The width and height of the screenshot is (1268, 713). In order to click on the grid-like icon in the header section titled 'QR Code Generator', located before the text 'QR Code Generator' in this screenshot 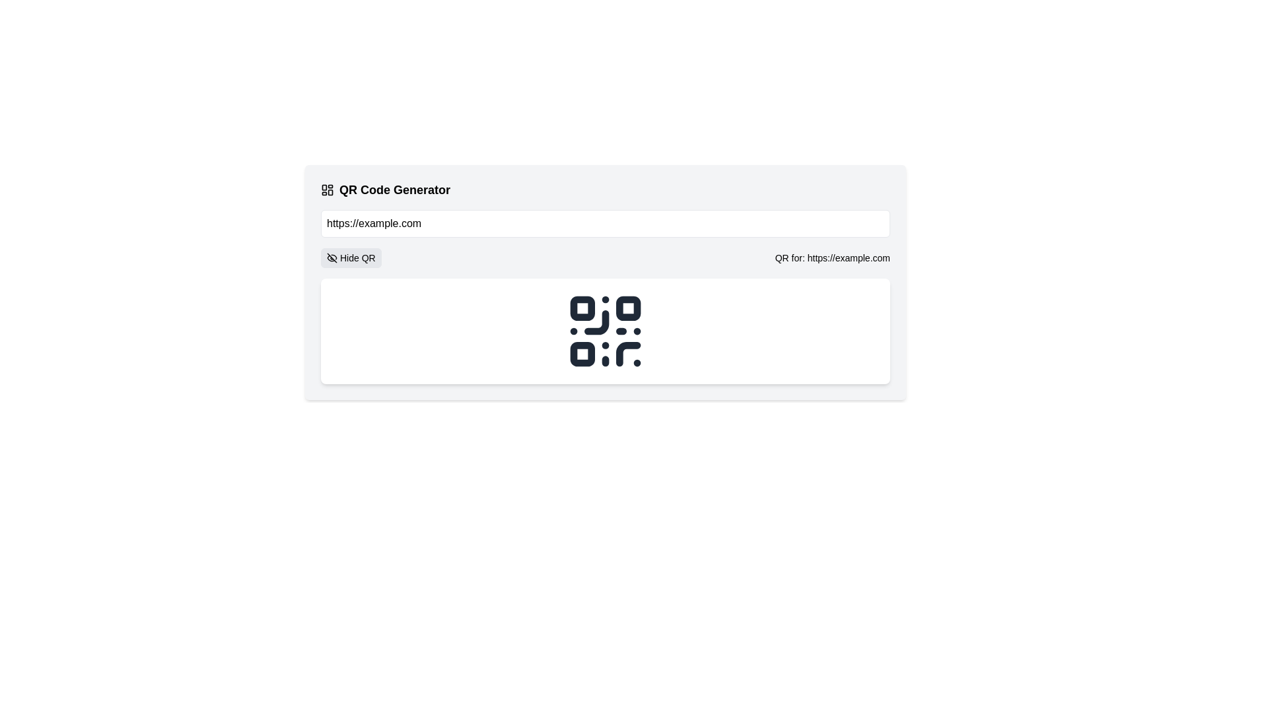, I will do `click(327, 190)`.